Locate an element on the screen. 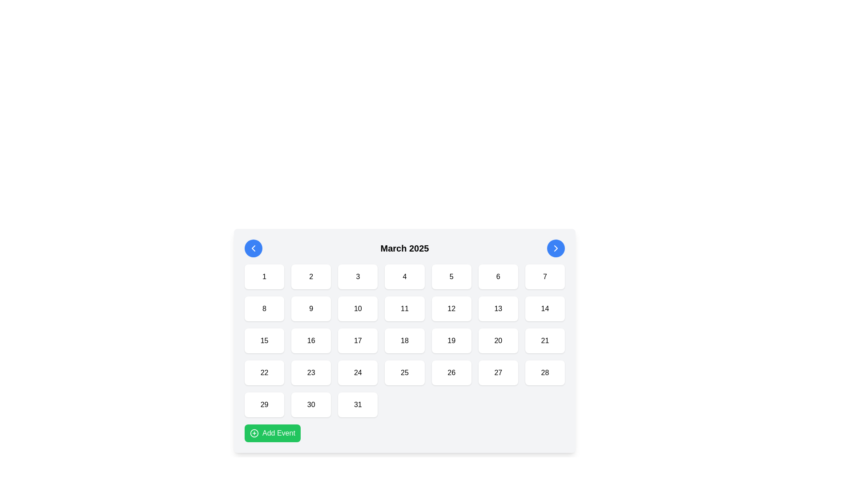  the highlighted cell for the 18th of March 2025 in the calendar component is located at coordinates (404, 340).